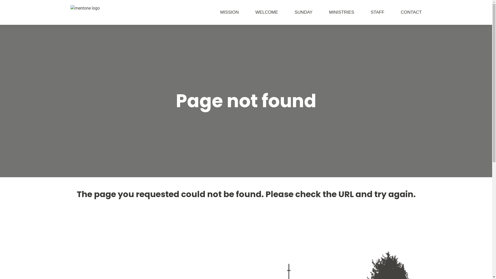 Image resolution: width=496 pixels, height=279 pixels. Describe the element at coordinates (369, 12) in the screenshot. I see `'STAFF'` at that location.